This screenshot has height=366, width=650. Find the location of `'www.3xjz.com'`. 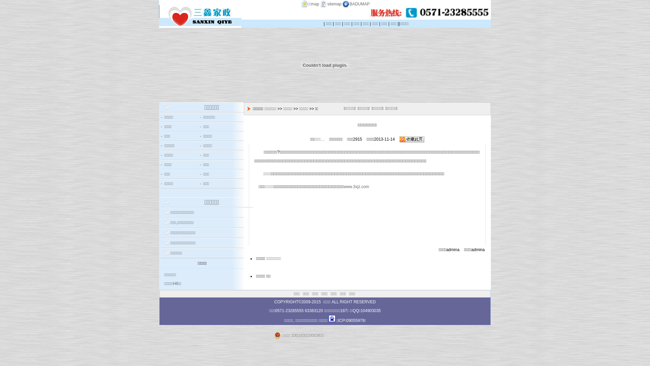

'www.3xjz.com' is located at coordinates (355, 187).